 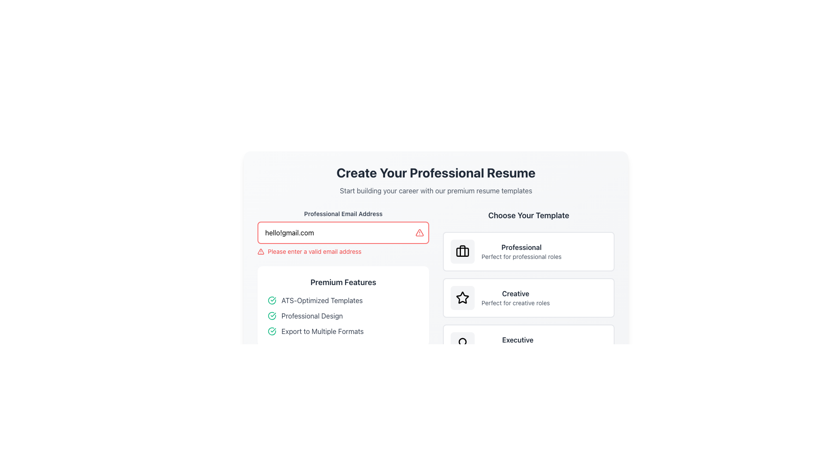 What do you see at coordinates (271, 300) in the screenshot?
I see `the green circular icon with a checkmark representing success, located to the left of the 'ATS-Optimized Templates' text in the premium features list` at bounding box center [271, 300].